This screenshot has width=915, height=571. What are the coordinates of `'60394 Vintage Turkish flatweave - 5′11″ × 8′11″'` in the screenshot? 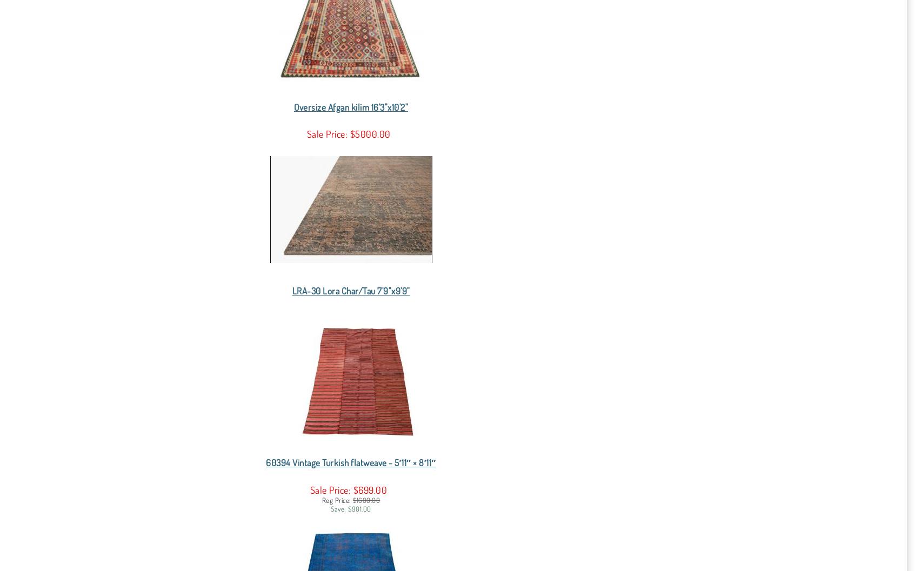 It's located at (350, 461).